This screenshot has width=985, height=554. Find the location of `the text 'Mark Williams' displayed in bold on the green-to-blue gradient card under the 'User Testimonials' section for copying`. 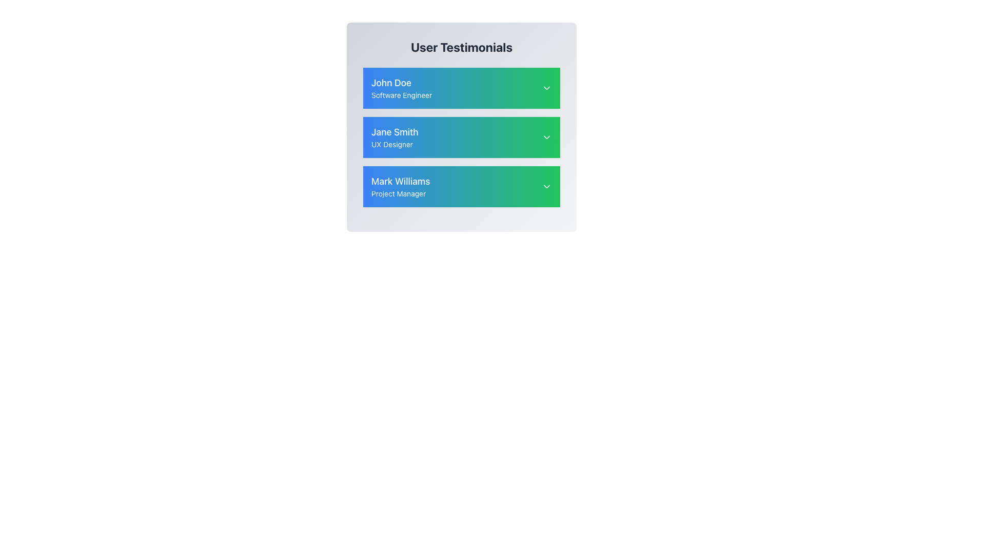

the text 'Mark Williams' displayed in bold on the green-to-blue gradient card under the 'User Testimonials' section for copying is located at coordinates (400, 181).